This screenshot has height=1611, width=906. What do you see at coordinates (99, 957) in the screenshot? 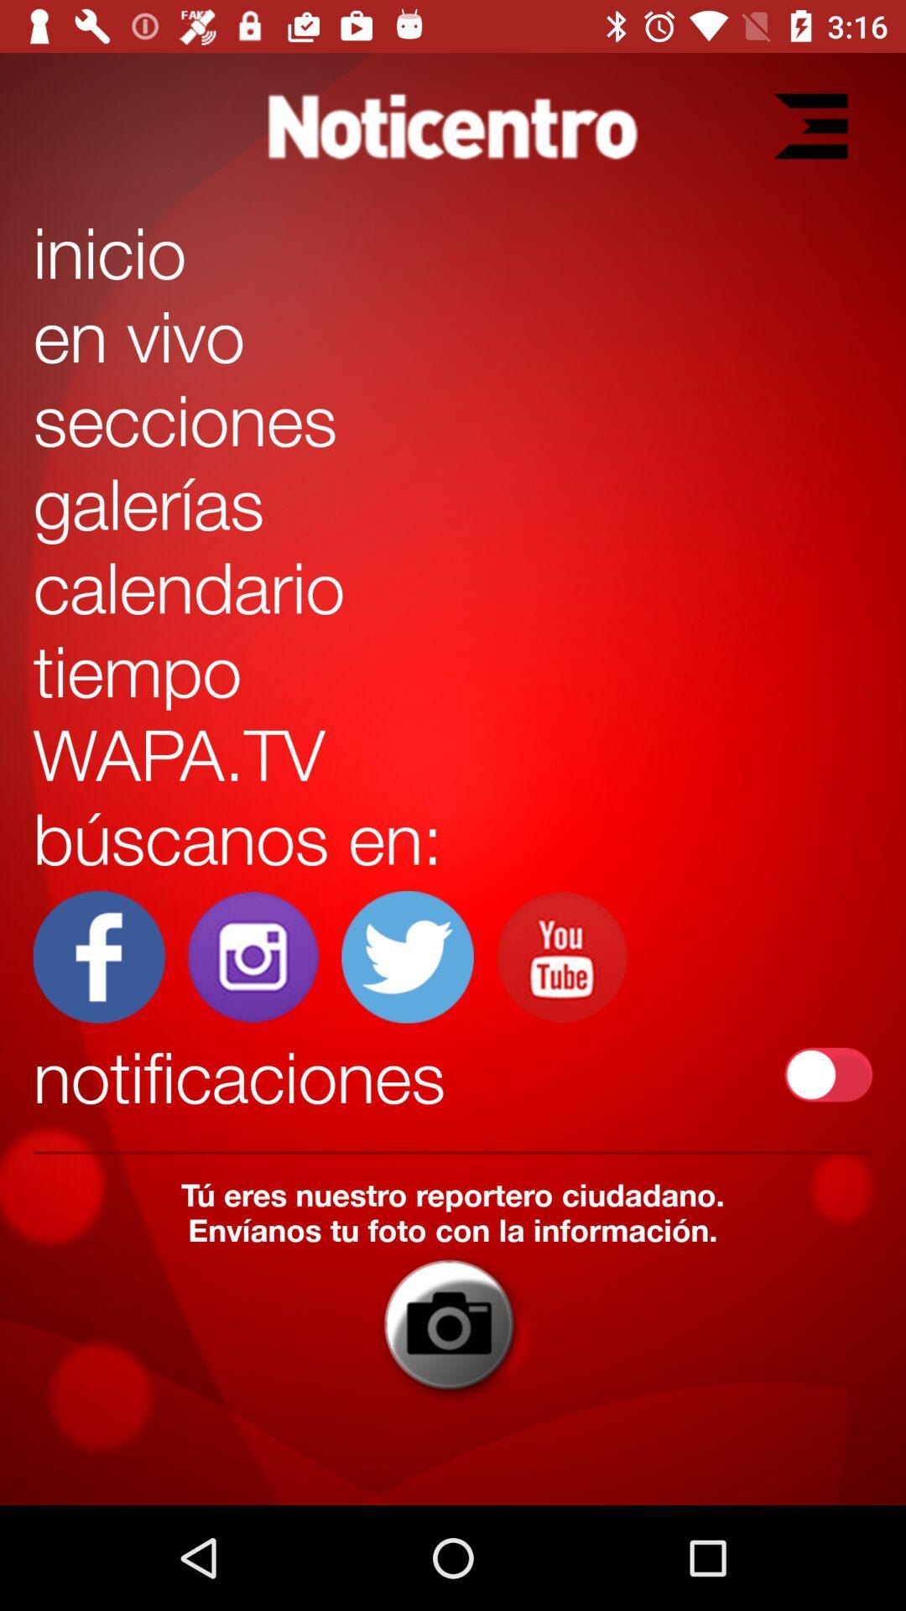
I see `the facebook icon` at bounding box center [99, 957].